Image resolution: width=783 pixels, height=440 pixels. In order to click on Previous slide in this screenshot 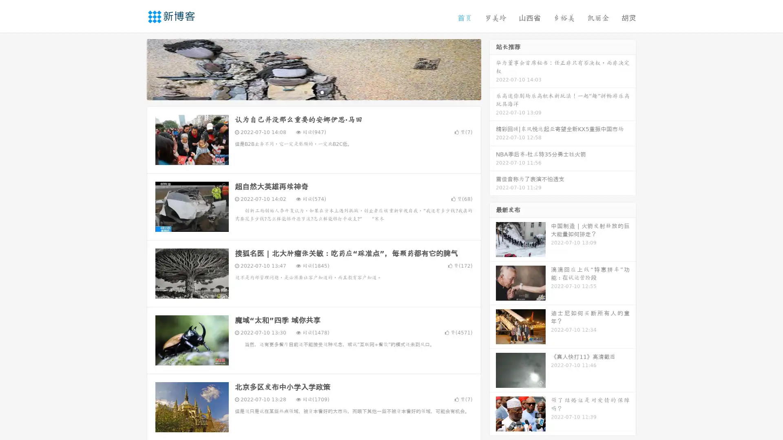, I will do `click(135, 68)`.